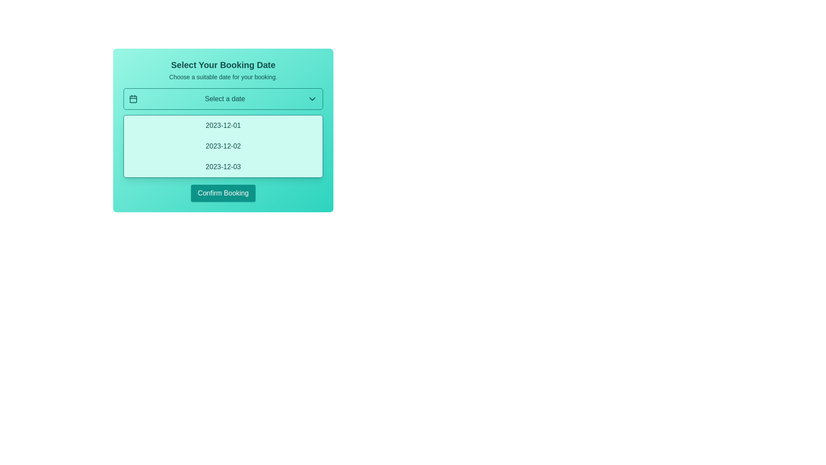  Describe the element at coordinates (223, 146) in the screenshot. I see `the selectable item in the dropdown menu displaying '2023-12-02' to change its background color` at that location.